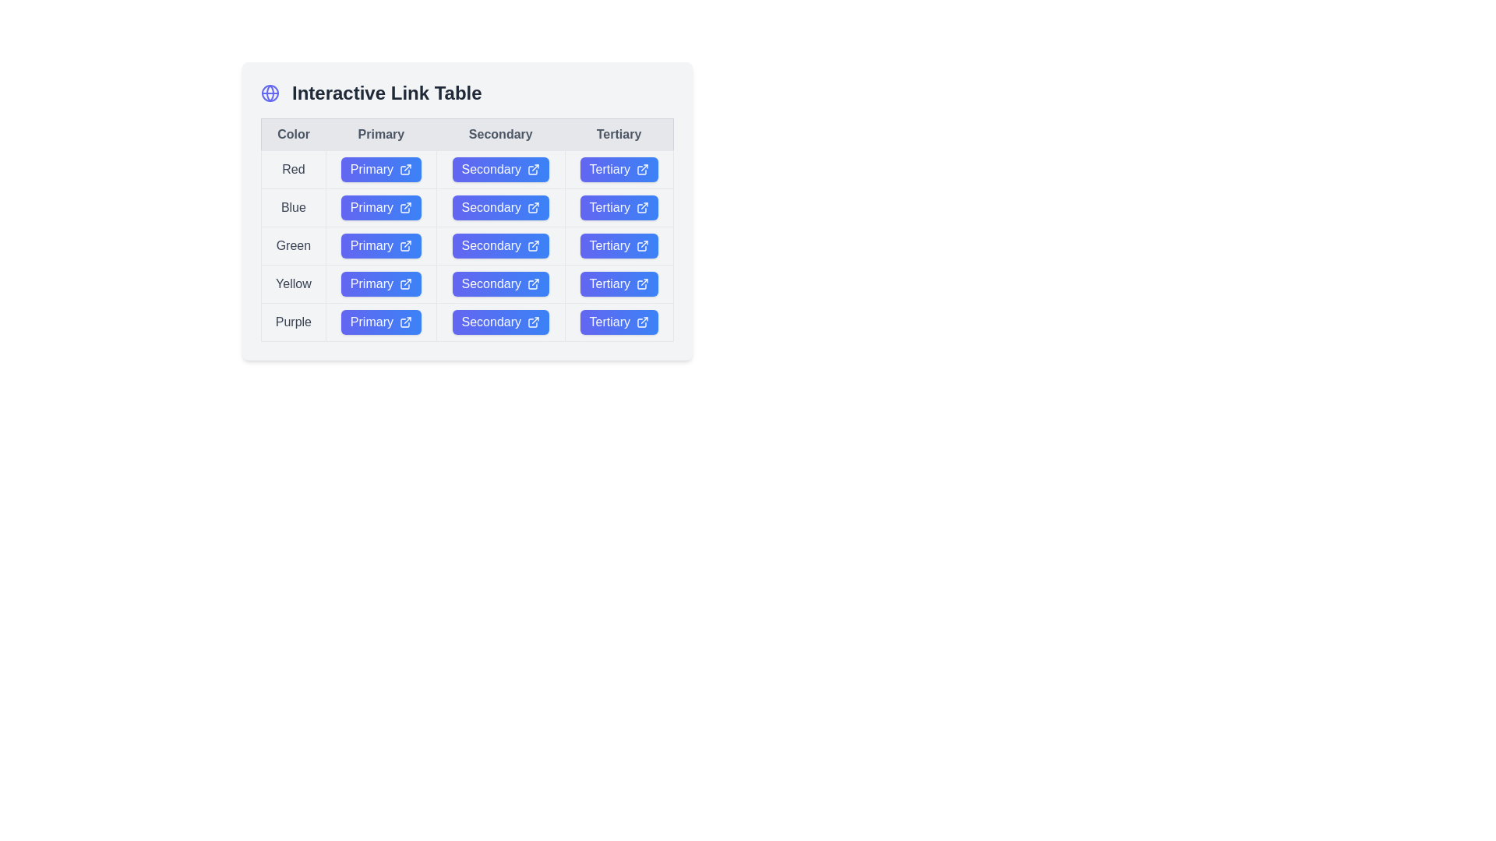 This screenshot has height=841, width=1496. I want to click on the small external link icon, which is styled as an outlined square with an arrow, located within the 'Secondary' button in the first row of the 'Interactive Link Table', so click(534, 170).